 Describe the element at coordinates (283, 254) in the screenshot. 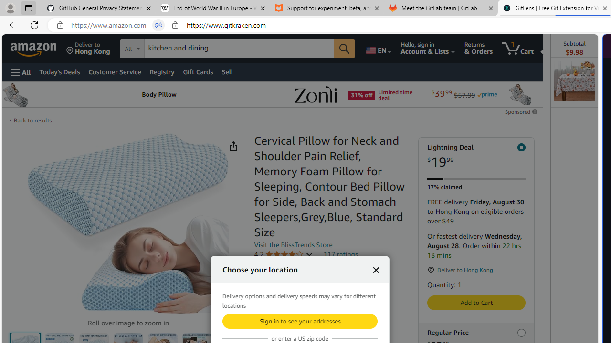

I see `'4.2 4.2 out of 5 stars'` at that location.